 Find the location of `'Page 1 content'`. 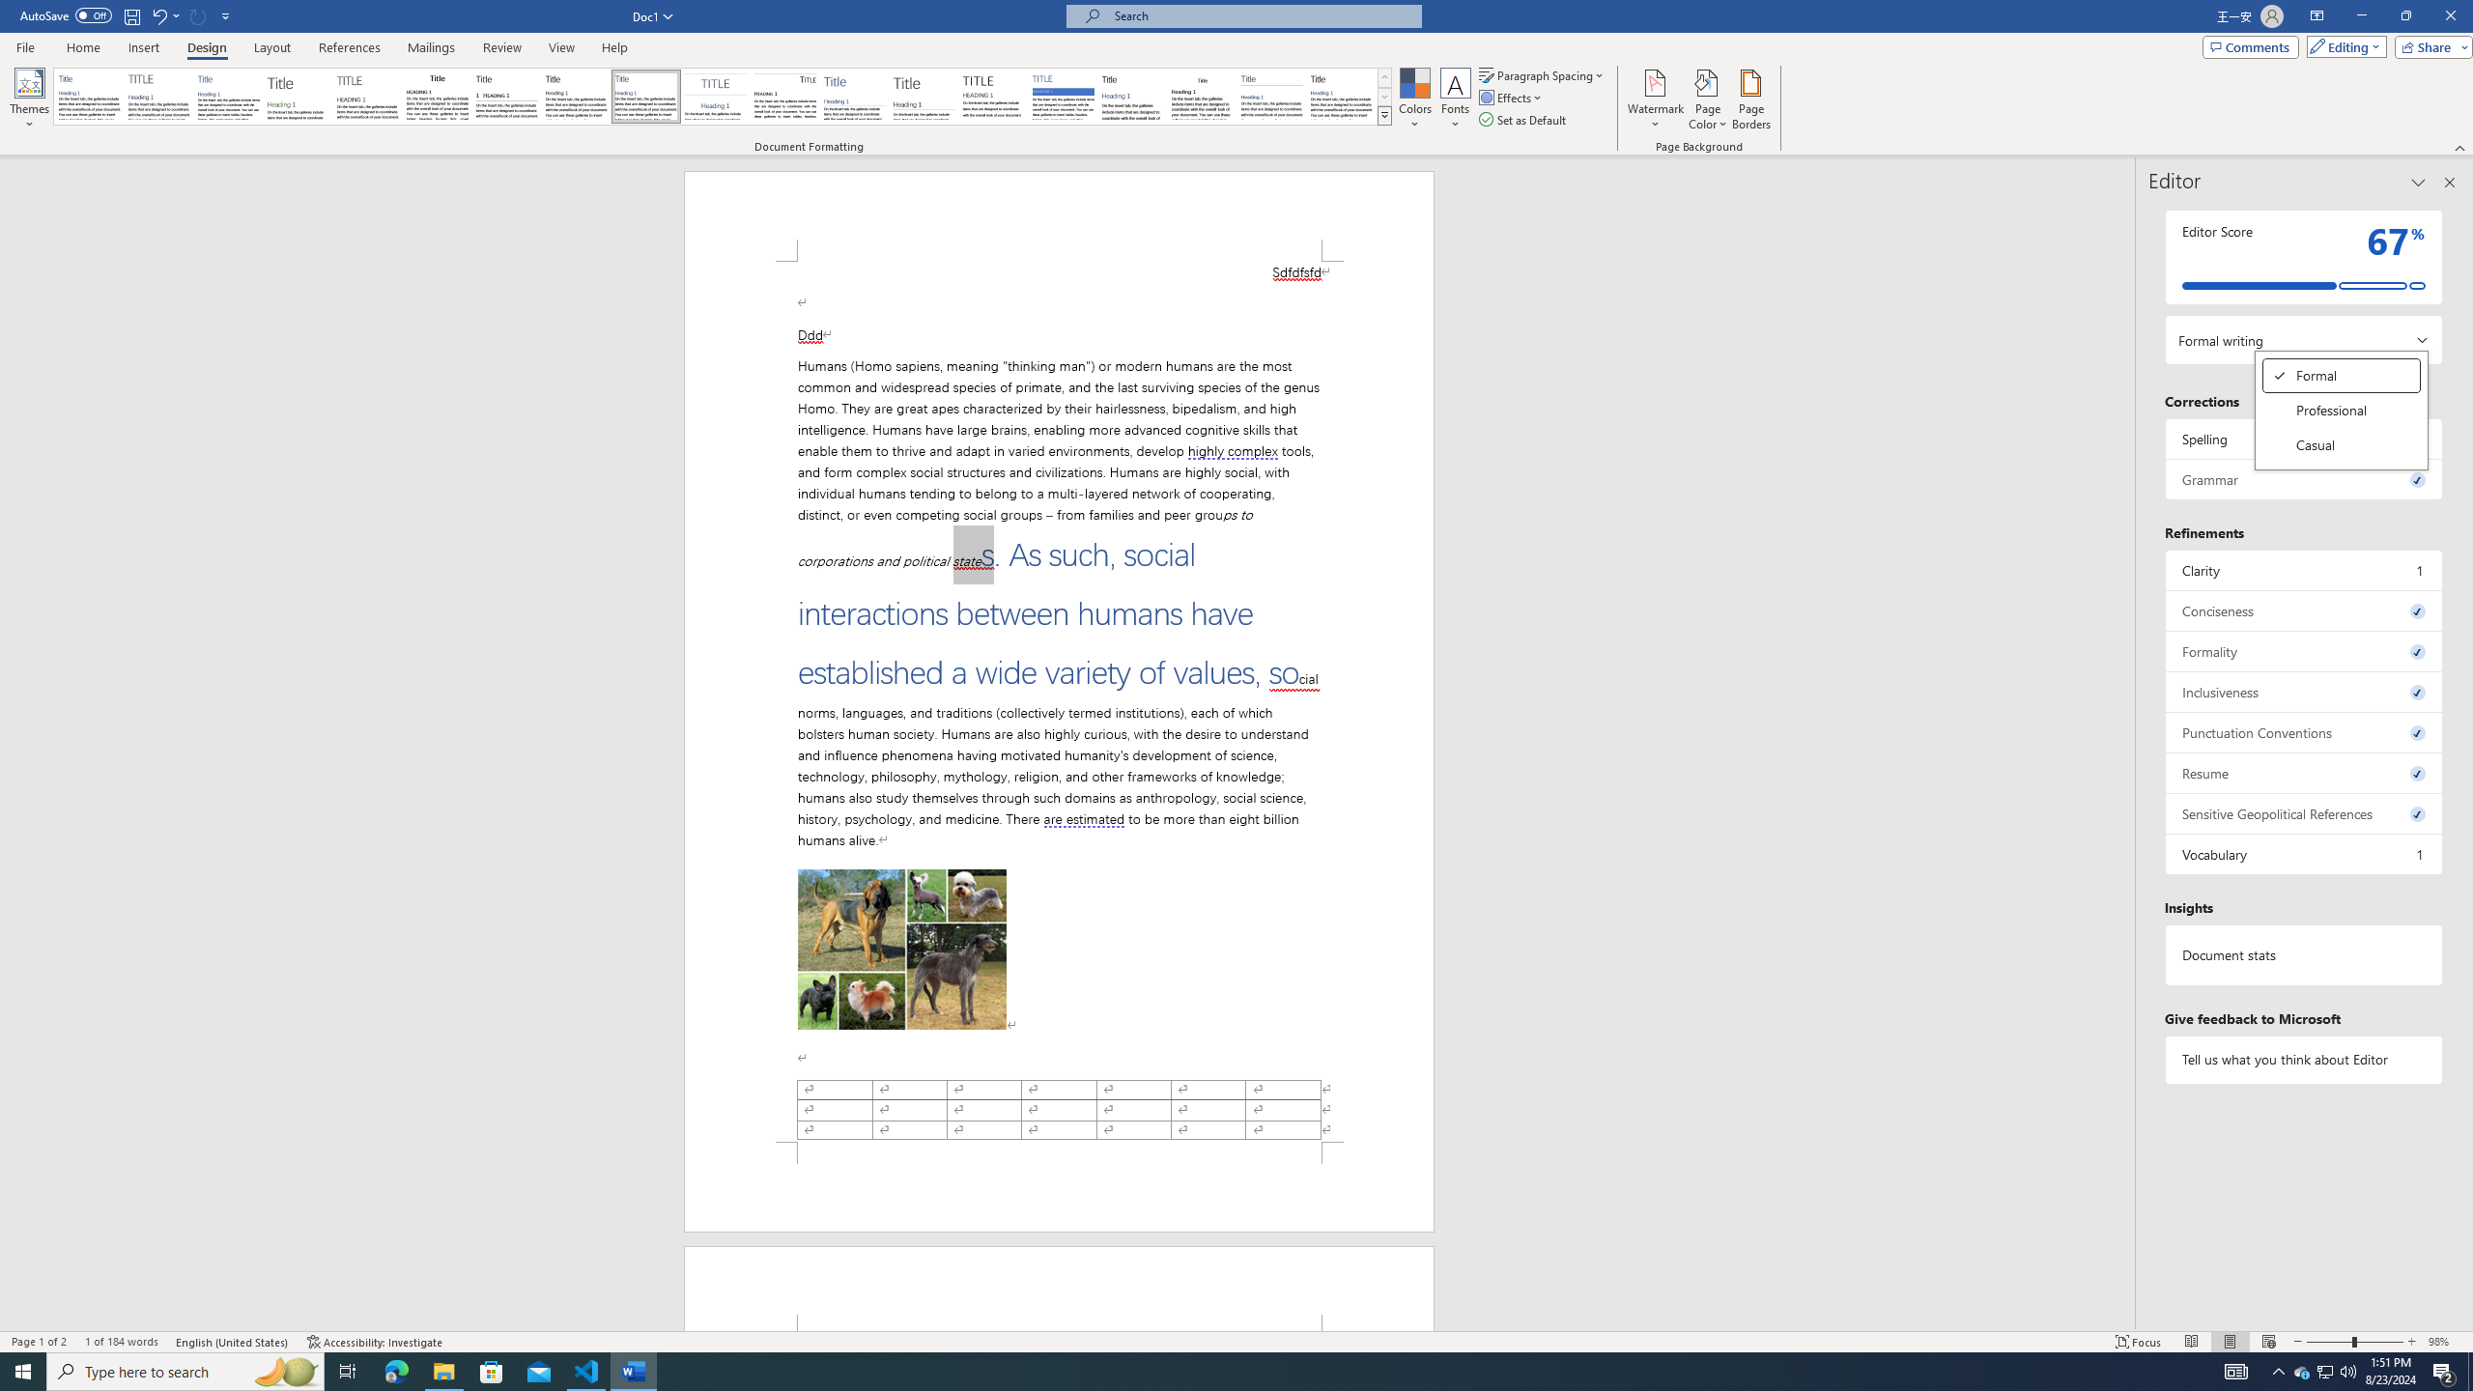

'Page 1 content' is located at coordinates (1059, 700).